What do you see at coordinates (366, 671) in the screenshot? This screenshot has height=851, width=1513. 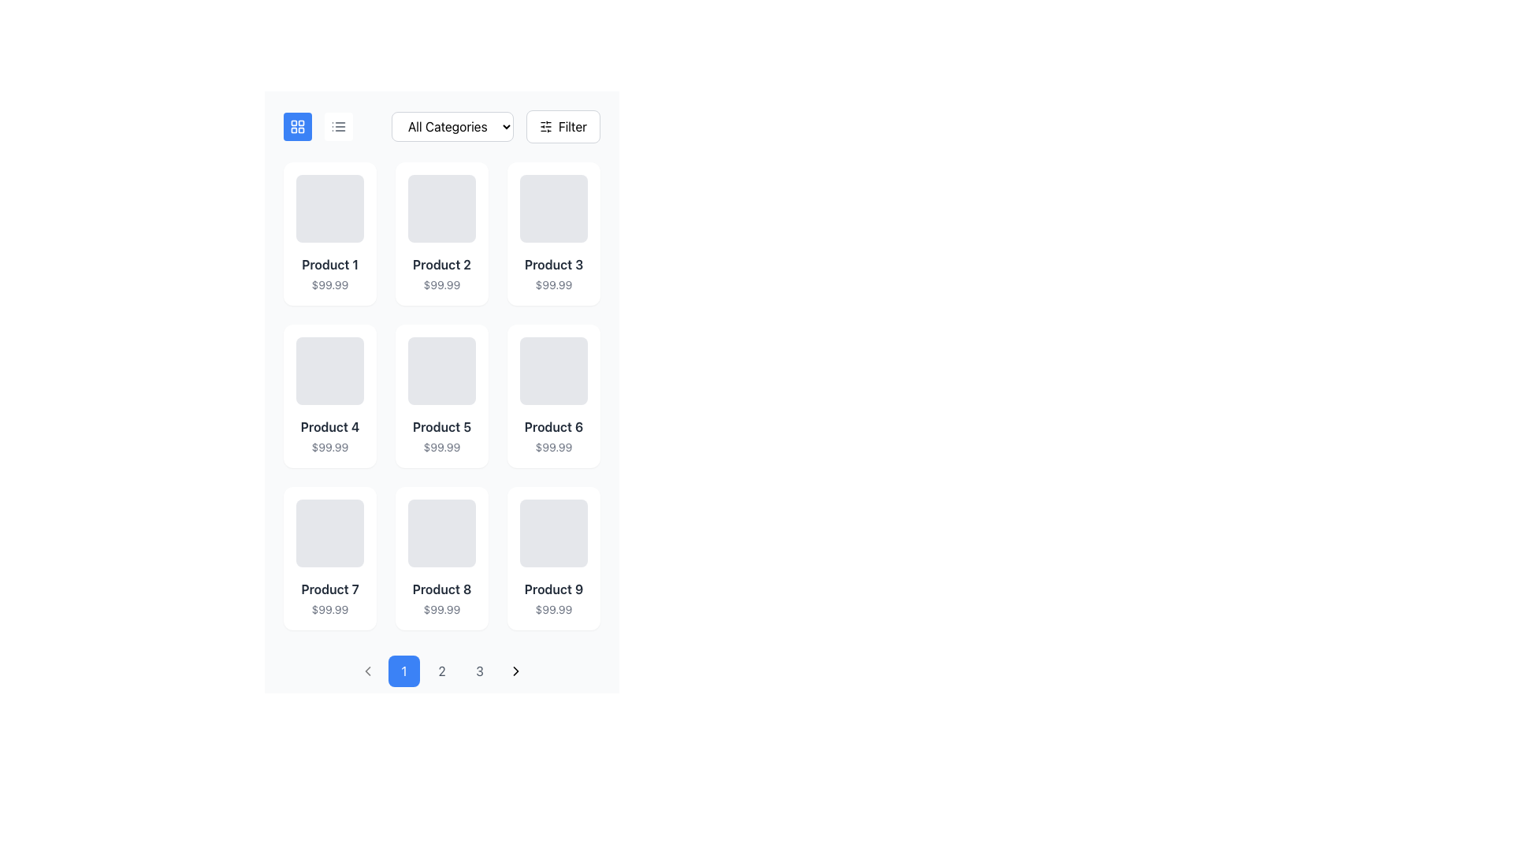 I see `the left-pointing chevron icon located in the bottom navigation area` at bounding box center [366, 671].